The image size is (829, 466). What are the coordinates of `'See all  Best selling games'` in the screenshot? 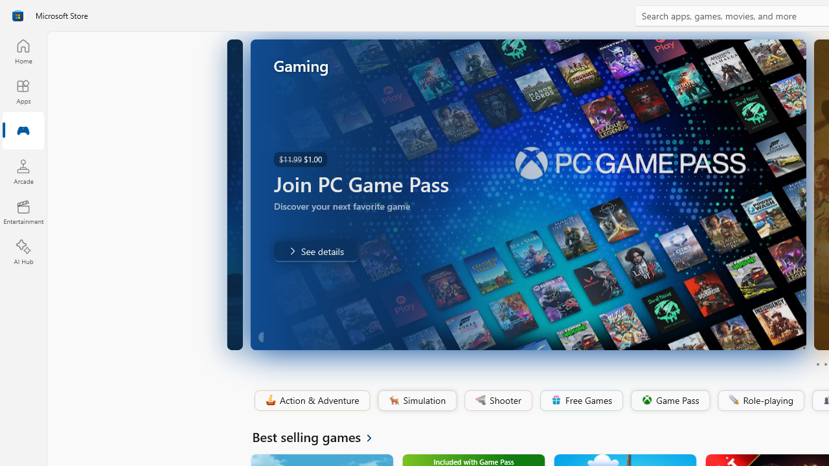 It's located at (320, 437).